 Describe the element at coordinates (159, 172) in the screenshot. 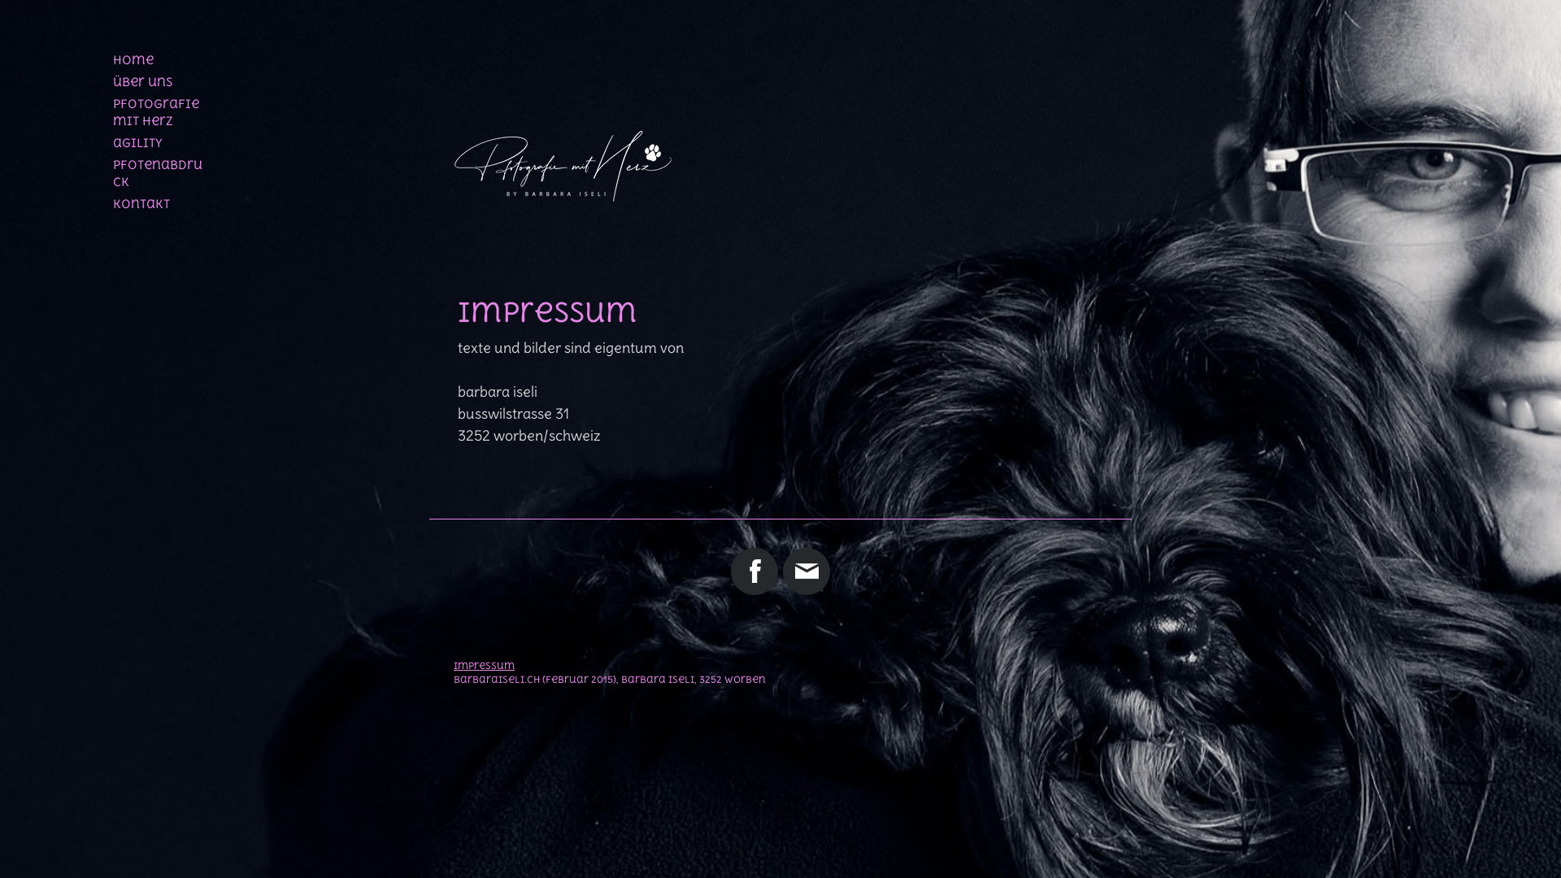

I see `'pfotenabdruck'` at that location.